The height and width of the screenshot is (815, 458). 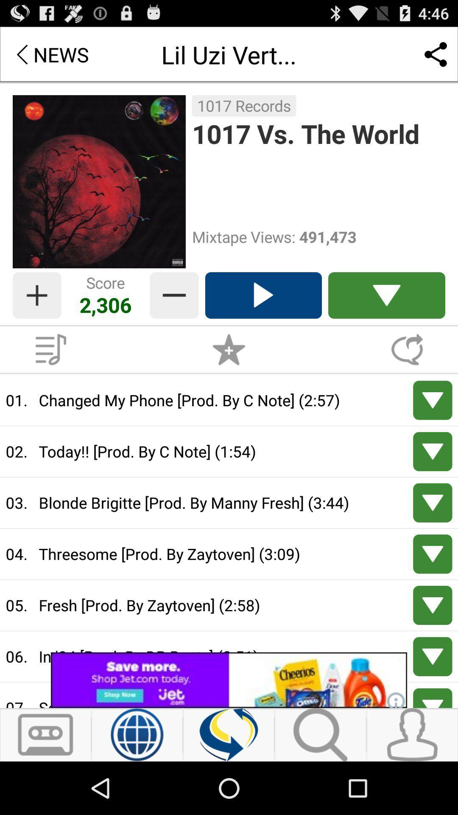 I want to click on arrow down for next, so click(x=433, y=503).